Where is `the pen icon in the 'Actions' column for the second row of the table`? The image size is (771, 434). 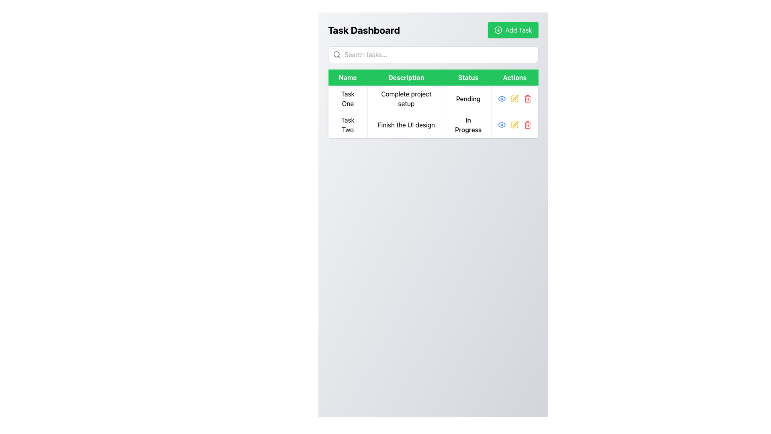
the pen icon in the 'Actions' column for the second row of the table is located at coordinates (515, 97).